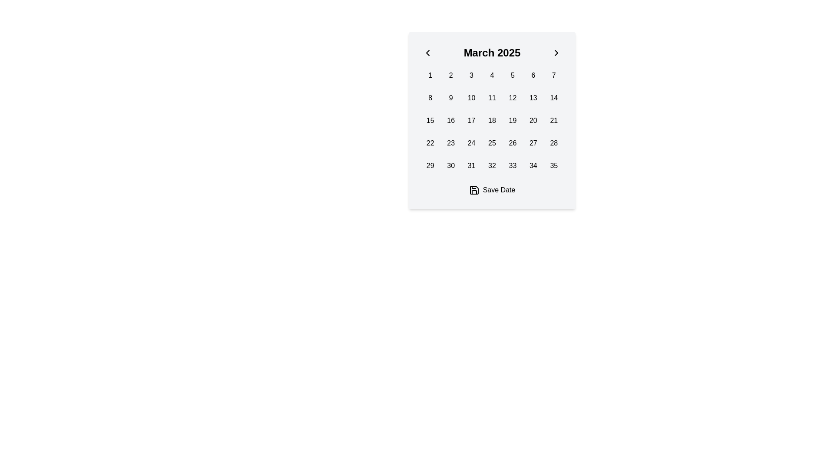 The height and width of the screenshot is (469, 834). What do you see at coordinates (553, 120) in the screenshot?
I see `the square-shaped button displaying the number '21' in black text, located in the third row and seventh column of the calendar grid` at bounding box center [553, 120].